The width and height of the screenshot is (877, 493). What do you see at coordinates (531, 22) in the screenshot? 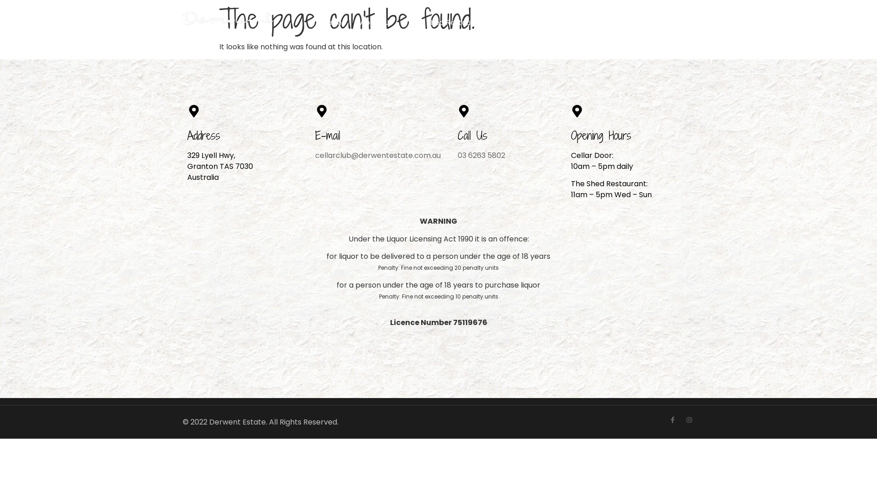
I see `'Wine Club'` at bounding box center [531, 22].